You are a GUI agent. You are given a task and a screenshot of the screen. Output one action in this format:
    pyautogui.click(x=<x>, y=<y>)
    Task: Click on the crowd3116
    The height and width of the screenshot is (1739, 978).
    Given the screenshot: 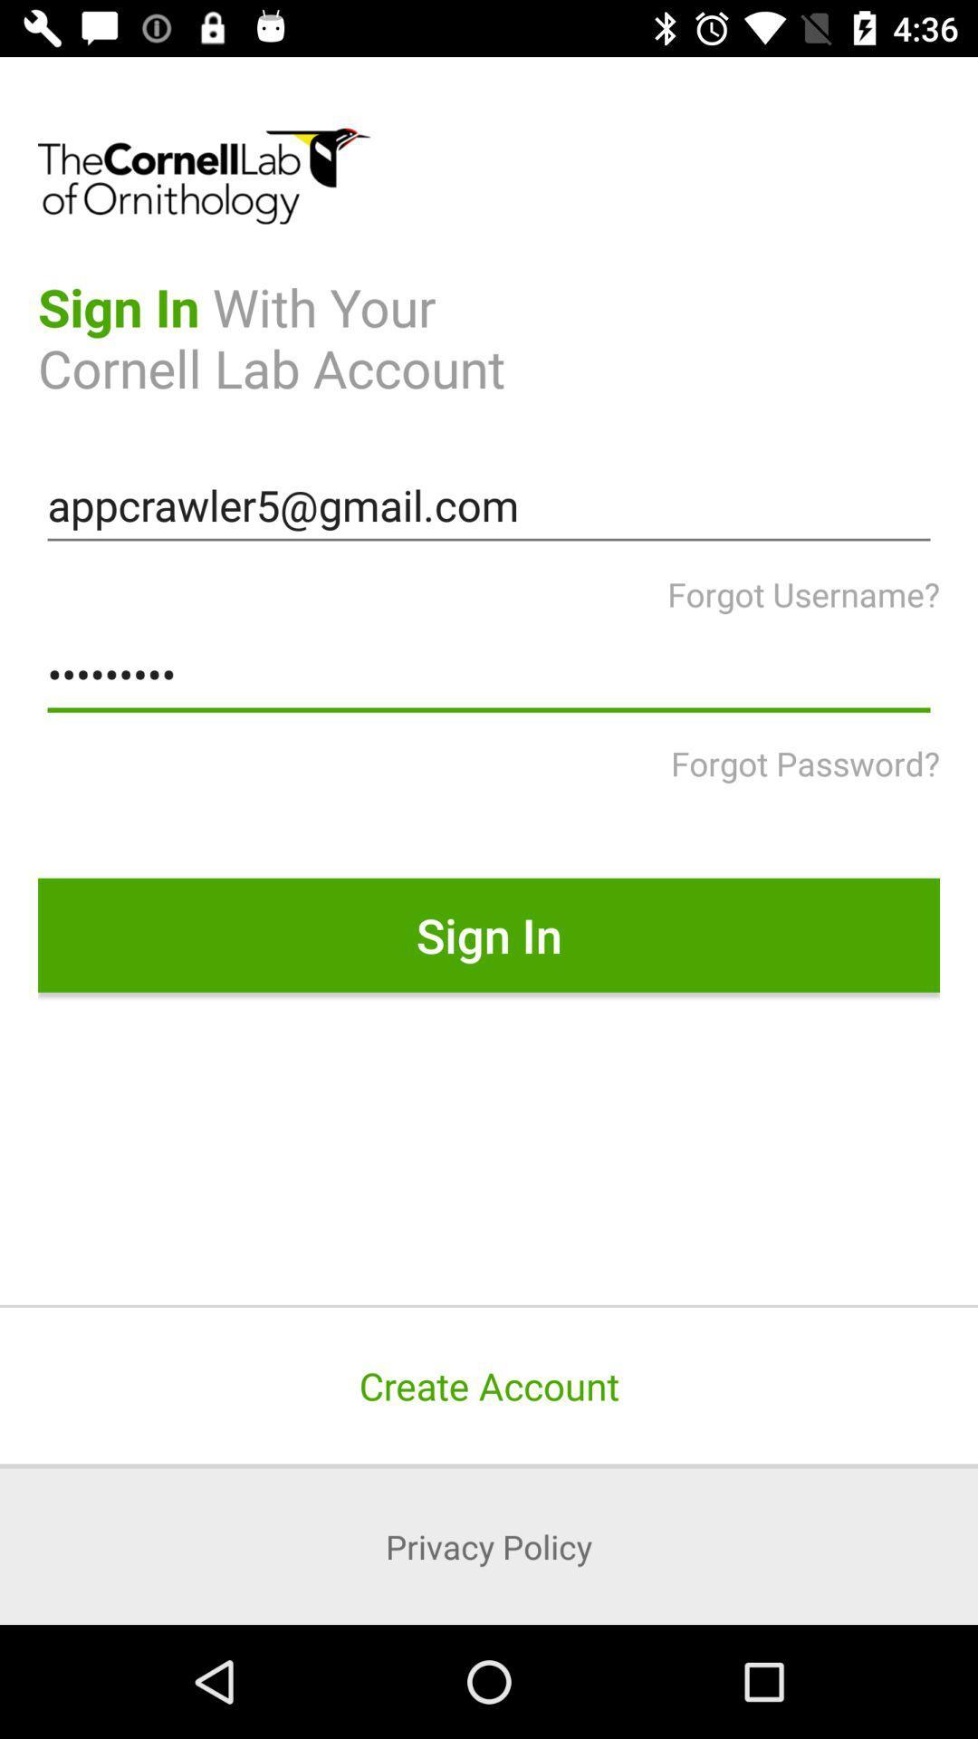 What is the action you would take?
    pyautogui.click(x=489, y=674)
    